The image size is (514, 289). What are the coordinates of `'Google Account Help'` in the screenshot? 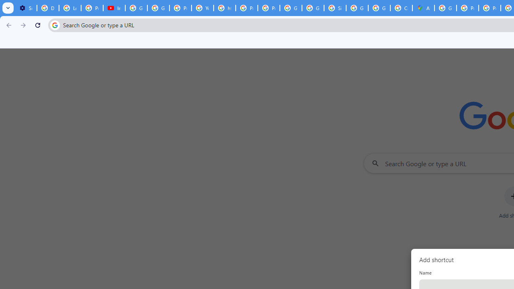 It's located at (136, 8).